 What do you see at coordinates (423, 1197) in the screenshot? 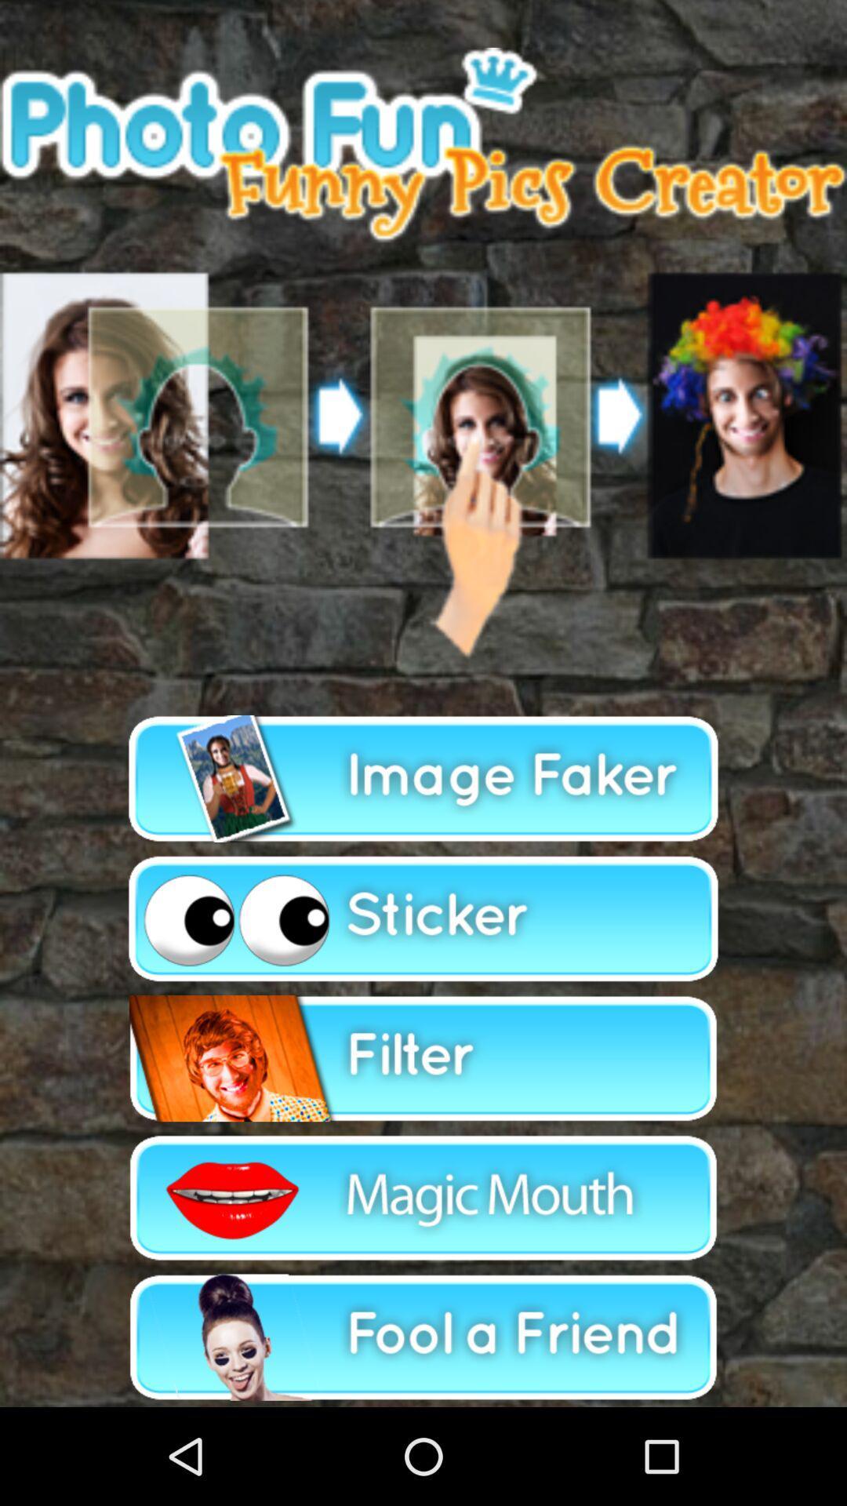
I see `edit image` at bounding box center [423, 1197].